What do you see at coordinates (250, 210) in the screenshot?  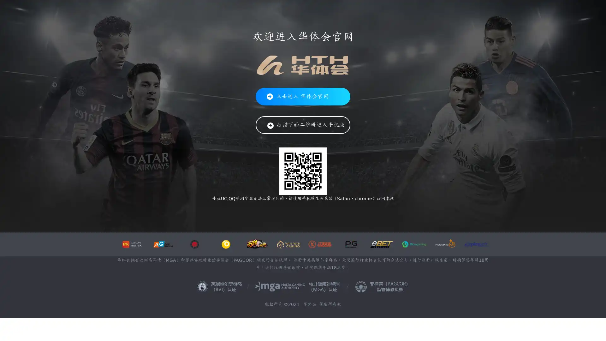 I see `3` at bounding box center [250, 210].